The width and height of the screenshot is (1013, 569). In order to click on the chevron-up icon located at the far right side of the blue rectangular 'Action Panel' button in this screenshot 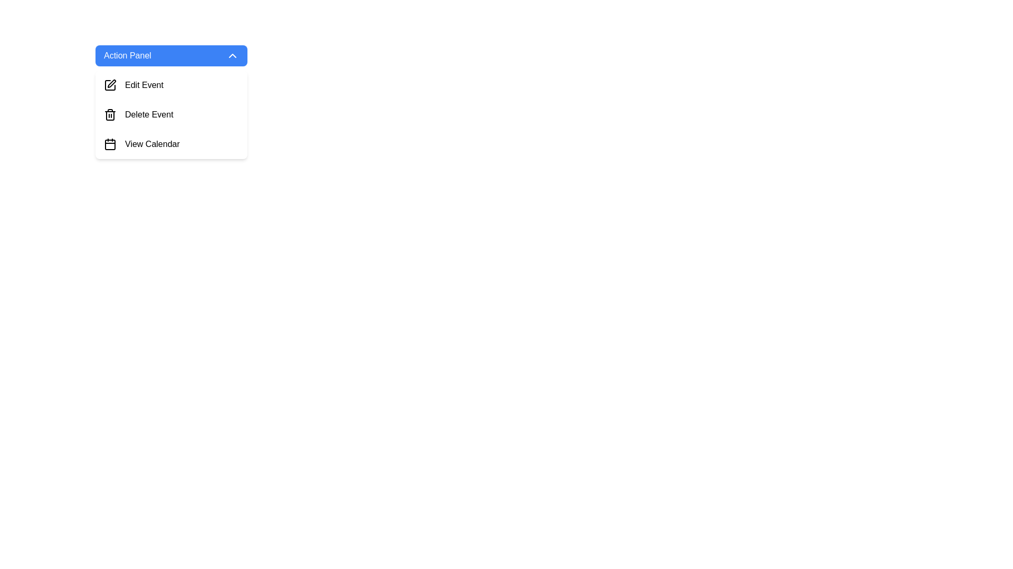, I will do `click(232, 55)`.